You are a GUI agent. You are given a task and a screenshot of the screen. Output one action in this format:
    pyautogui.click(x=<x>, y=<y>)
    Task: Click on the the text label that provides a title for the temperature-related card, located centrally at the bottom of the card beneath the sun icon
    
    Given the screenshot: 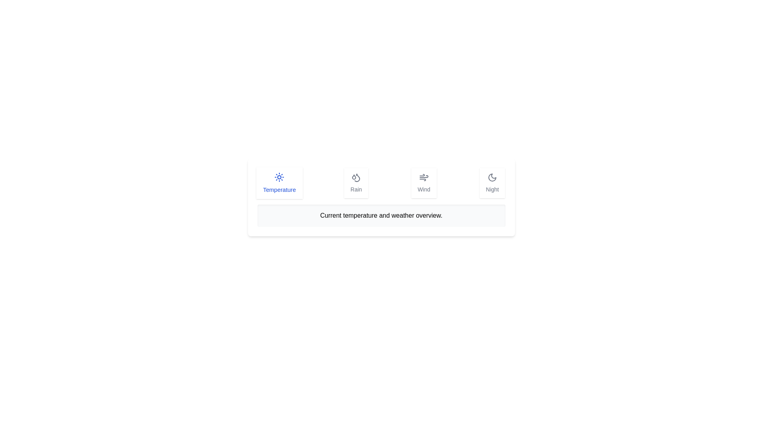 What is the action you would take?
    pyautogui.click(x=279, y=189)
    